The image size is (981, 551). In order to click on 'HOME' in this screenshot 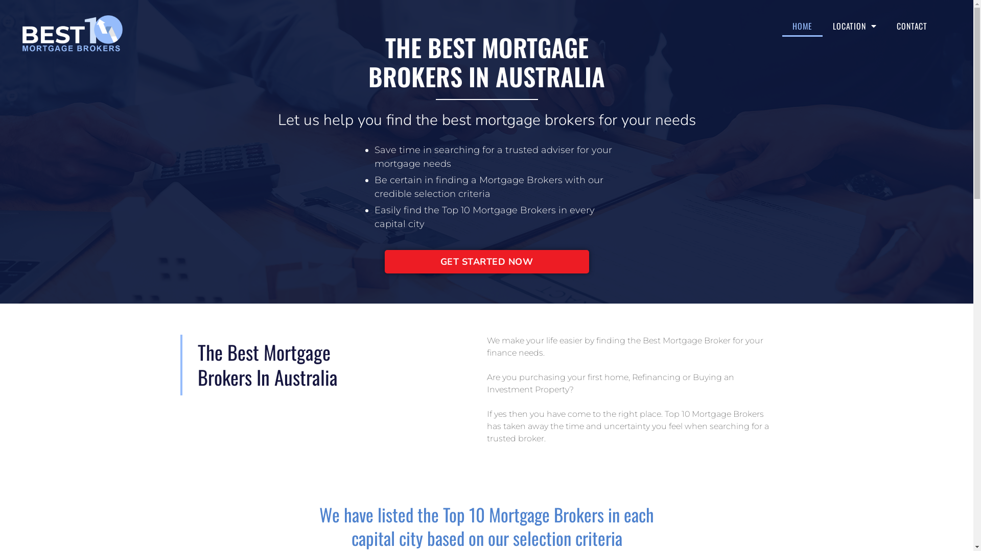, I will do `click(802, 25)`.